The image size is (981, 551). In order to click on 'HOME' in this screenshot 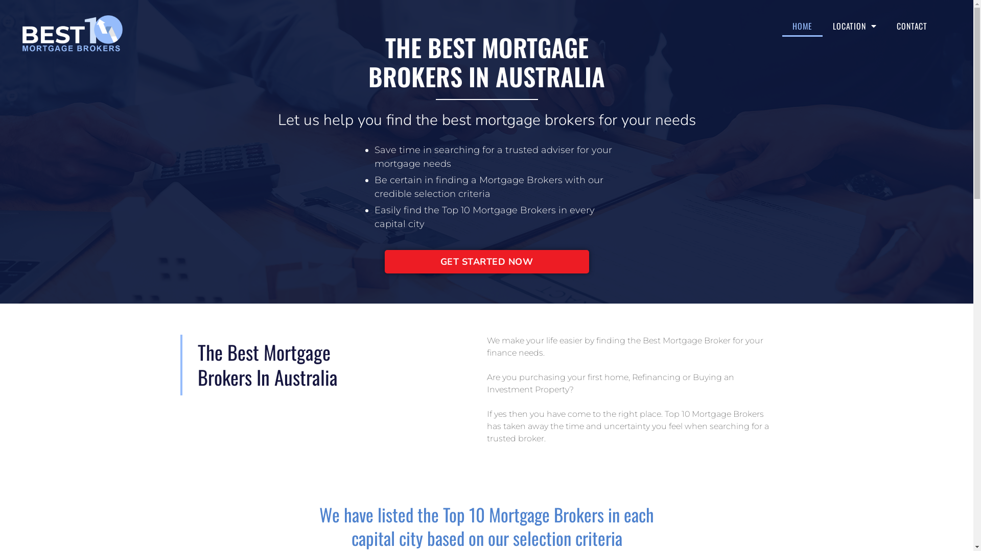, I will do `click(802, 25)`.